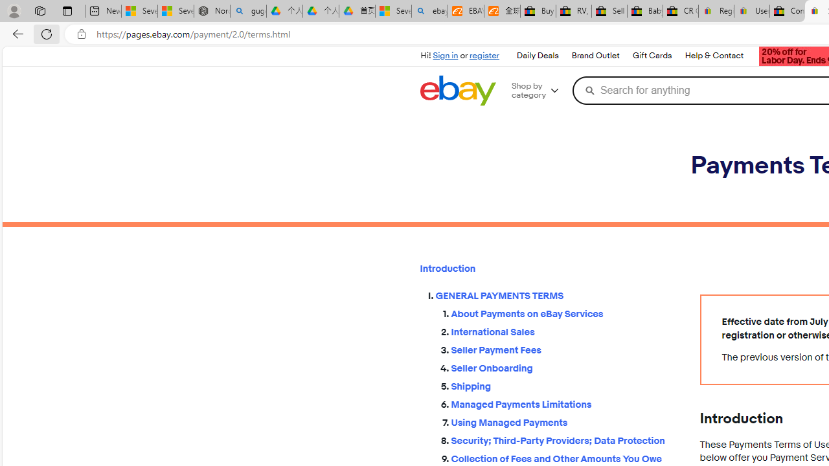 The image size is (829, 466). What do you see at coordinates (595, 56) in the screenshot?
I see `'Brand Outlet'` at bounding box center [595, 56].